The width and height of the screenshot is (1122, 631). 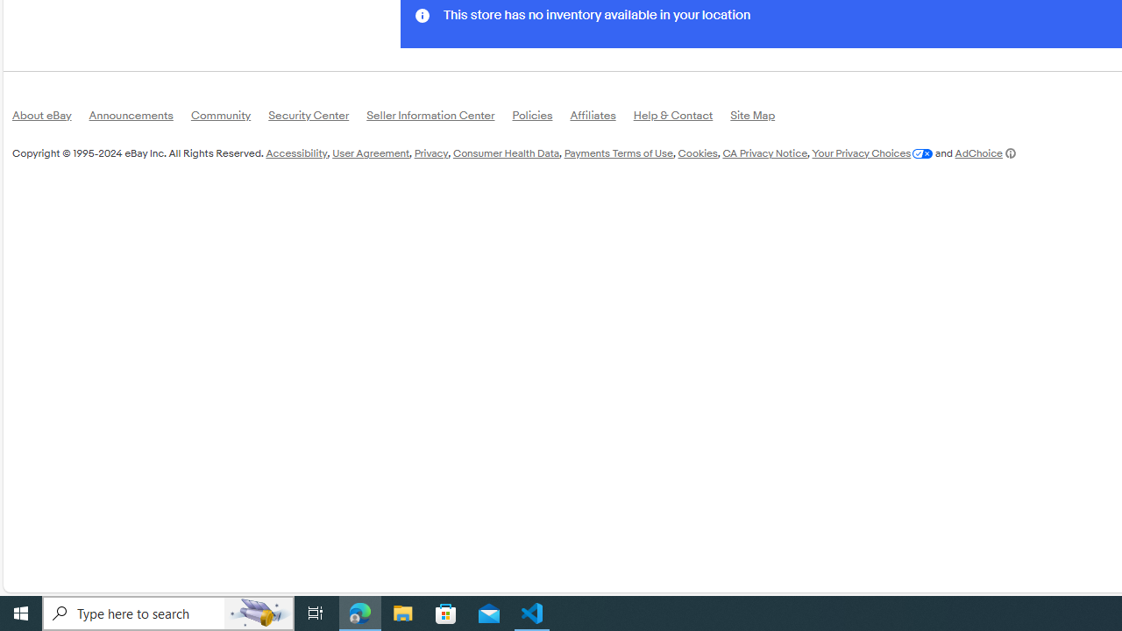 I want to click on 'Information', so click(x=422, y=15).